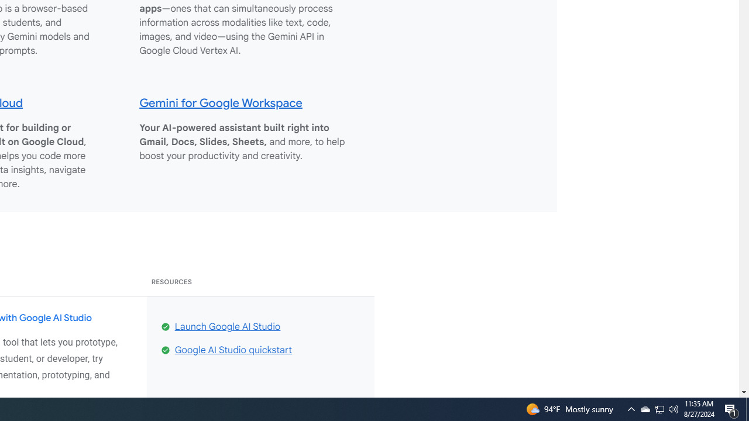  What do you see at coordinates (221, 102) in the screenshot?
I see `'Gemini for Google Workspace'` at bounding box center [221, 102].